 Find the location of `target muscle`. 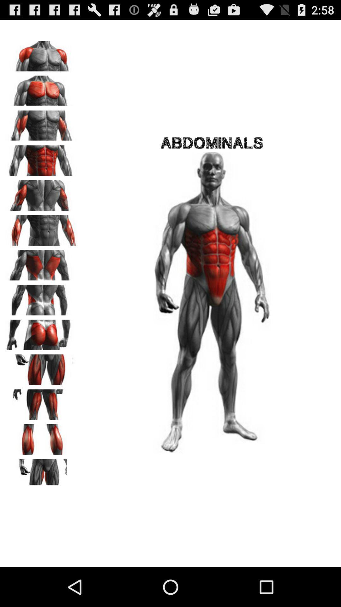

target muscle is located at coordinates (41, 124).